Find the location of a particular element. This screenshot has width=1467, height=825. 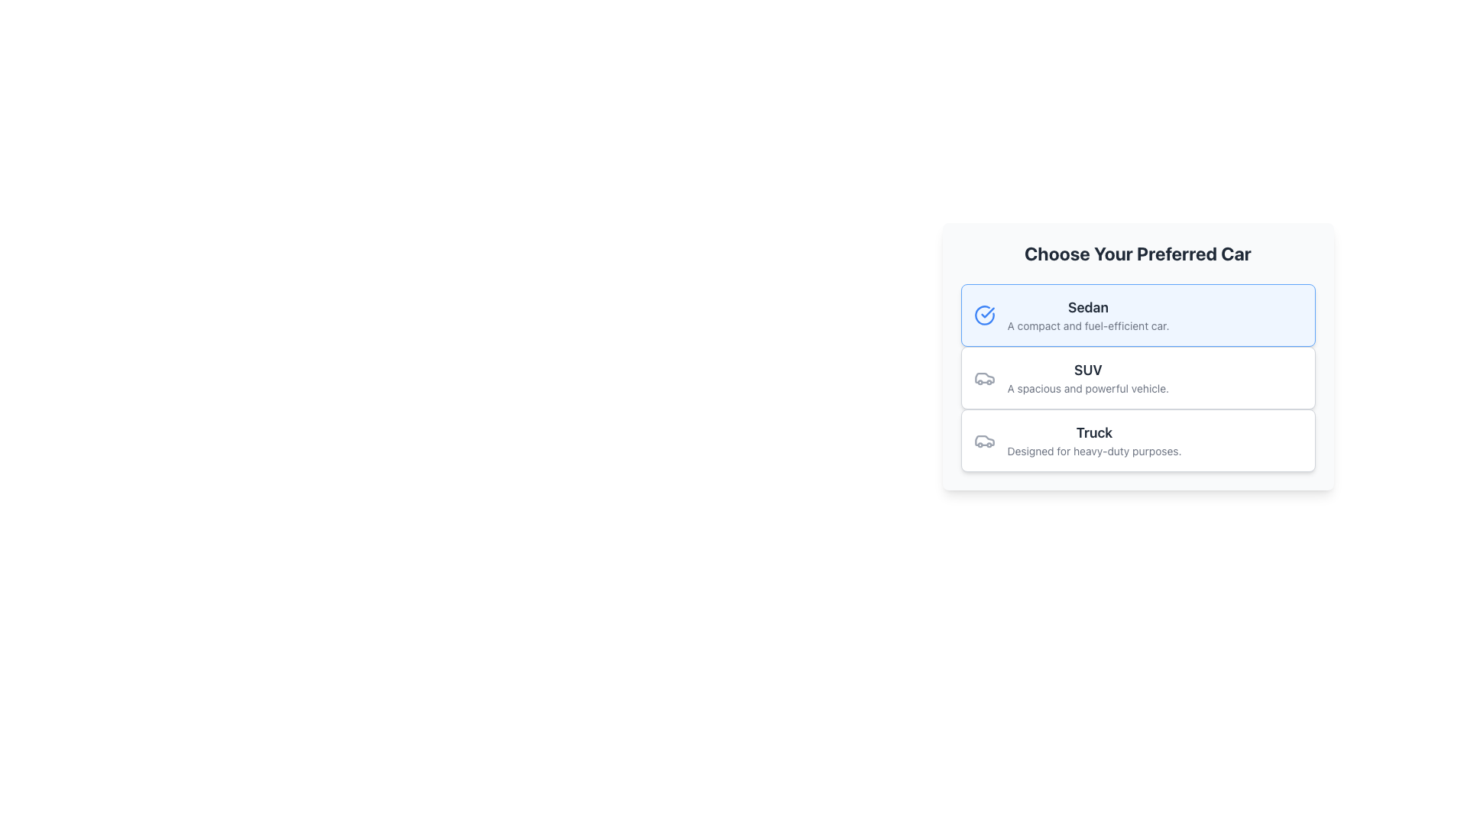

the bold text label 'SUV' which is visually prominent in dark gray or black font, centrally positioned in the second option of a triplet list structure is located at coordinates (1087, 370).